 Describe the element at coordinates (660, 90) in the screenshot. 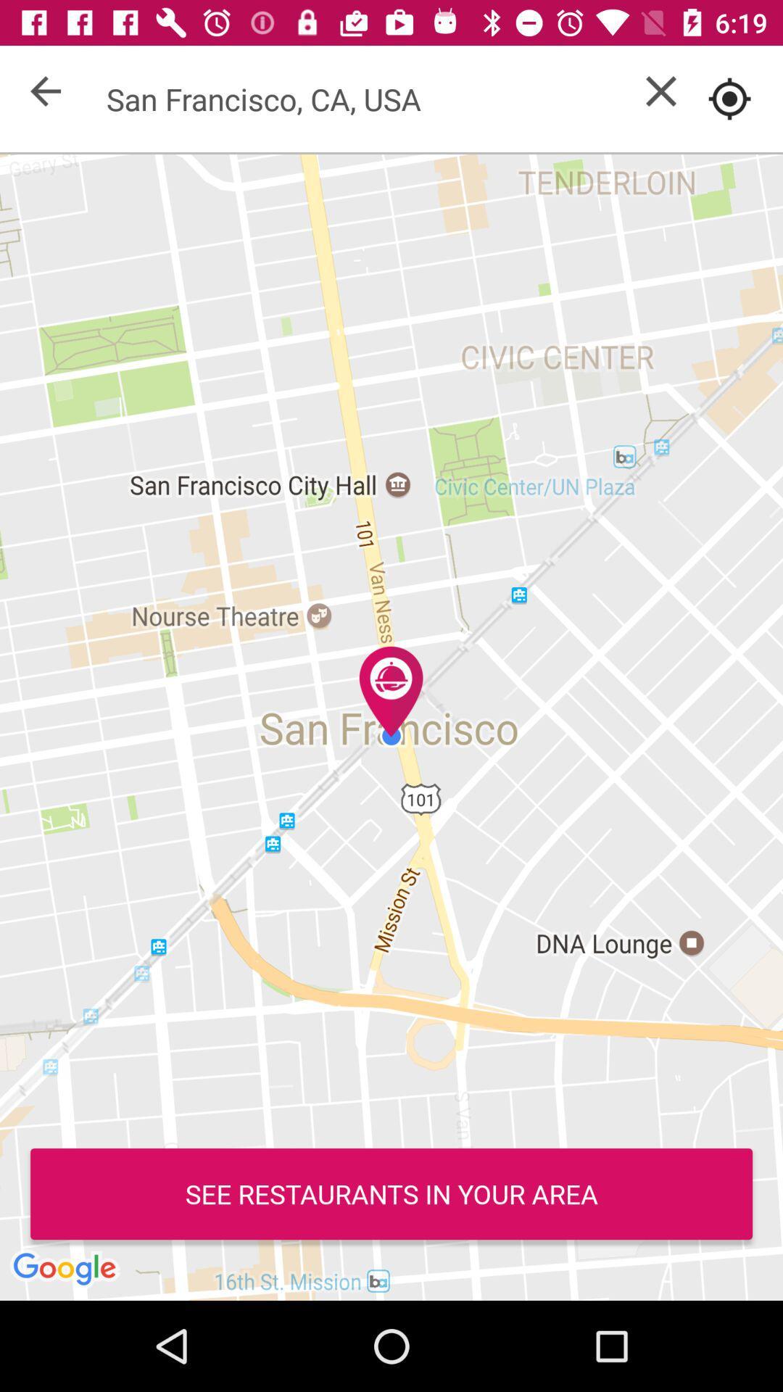

I see `out screen` at that location.